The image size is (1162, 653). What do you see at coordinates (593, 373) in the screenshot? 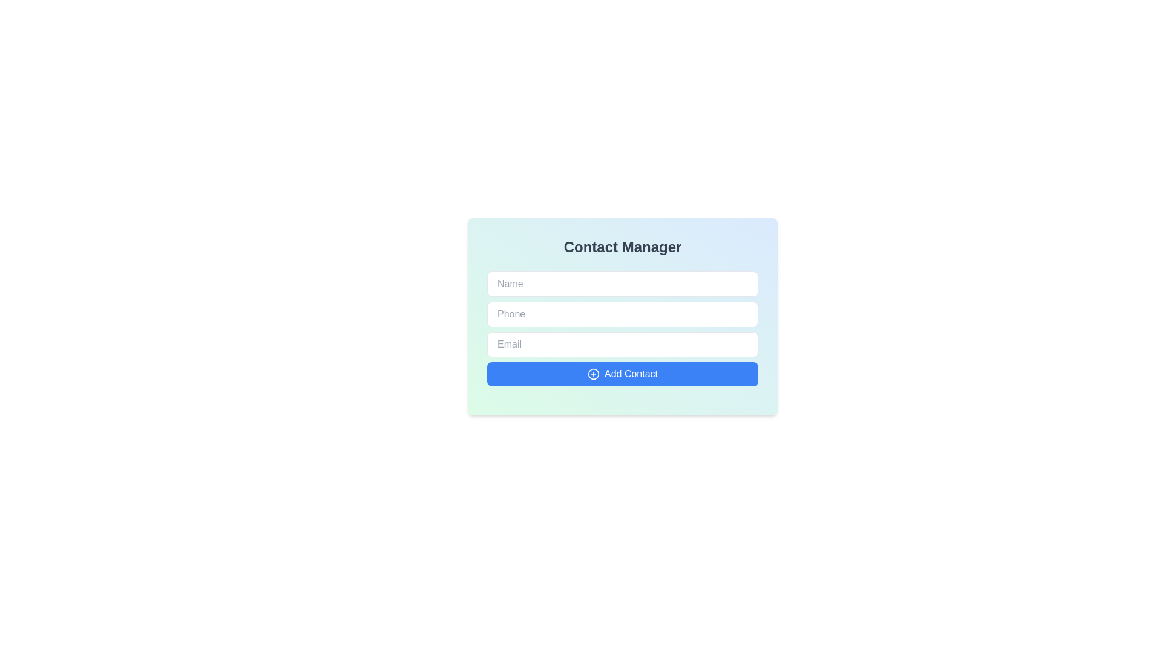
I see `the graphical icon, which is a small blue-outlined circle with a plus sign inside, located within the 'Add Contact' button at the bottom of the contact creation interface` at bounding box center [593, 373].